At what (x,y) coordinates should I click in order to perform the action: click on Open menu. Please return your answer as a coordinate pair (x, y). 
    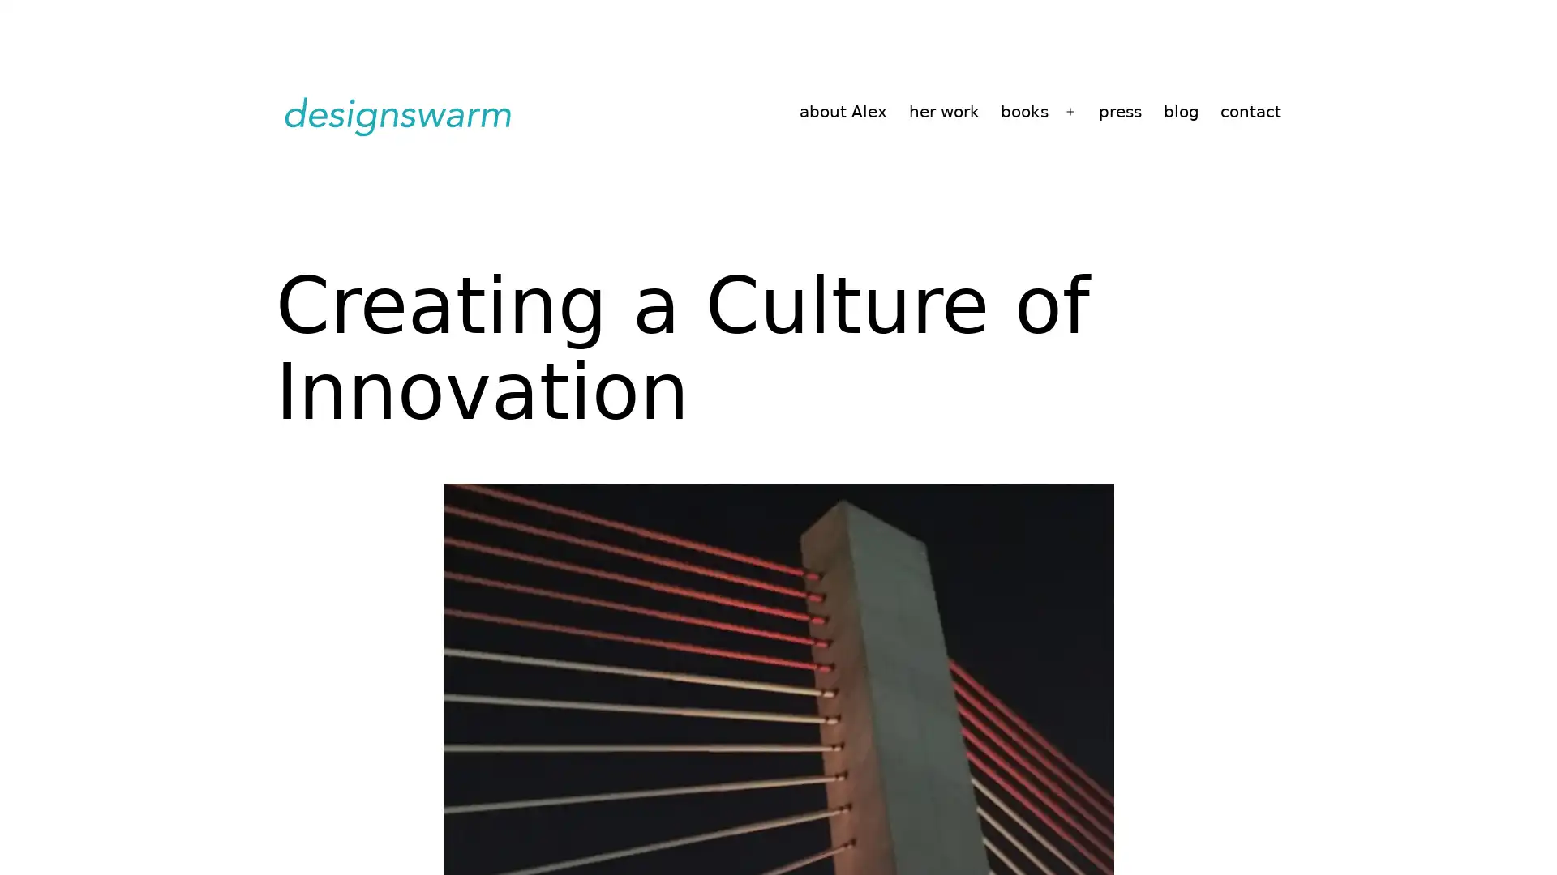
    Looking at the image, I should click on (1070, 111).